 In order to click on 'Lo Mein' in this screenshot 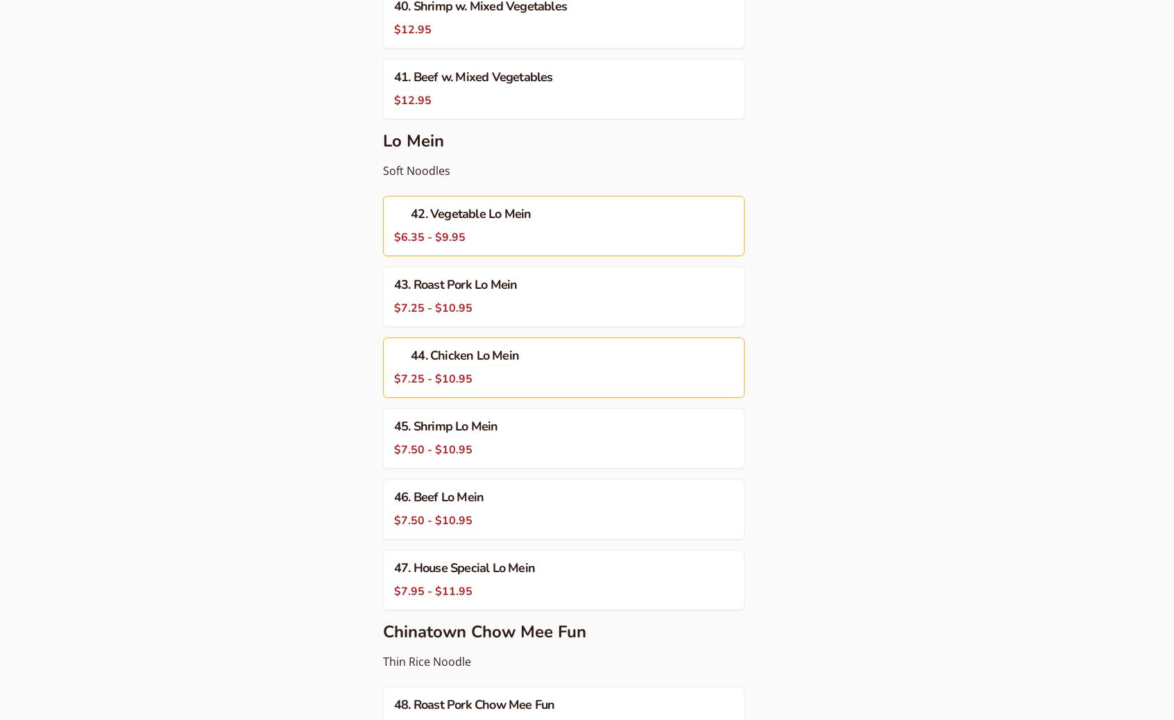, I will do `click(412, 140)`.